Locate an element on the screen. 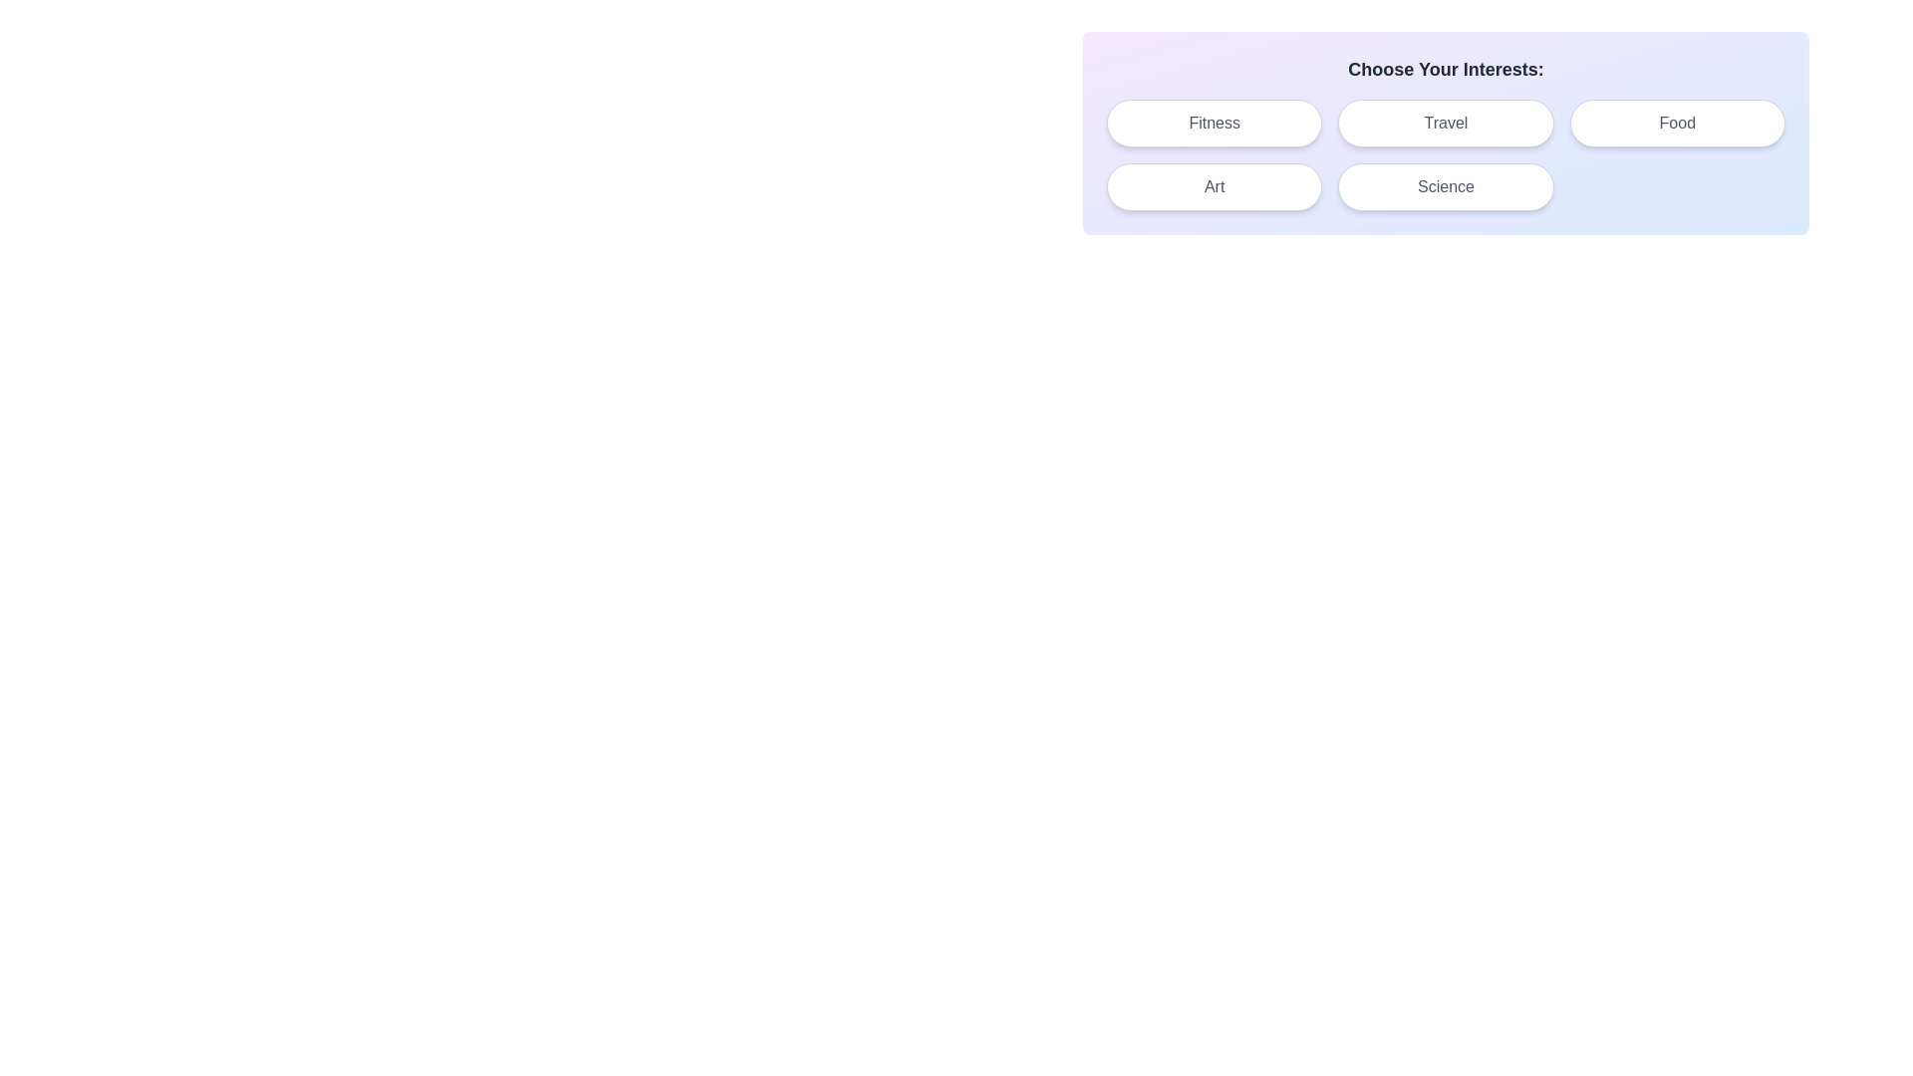 The width and height of the screenshot is (1913, 1076). the chip labeled Travel to toggle its selection is located at coordinates (1446, 123).